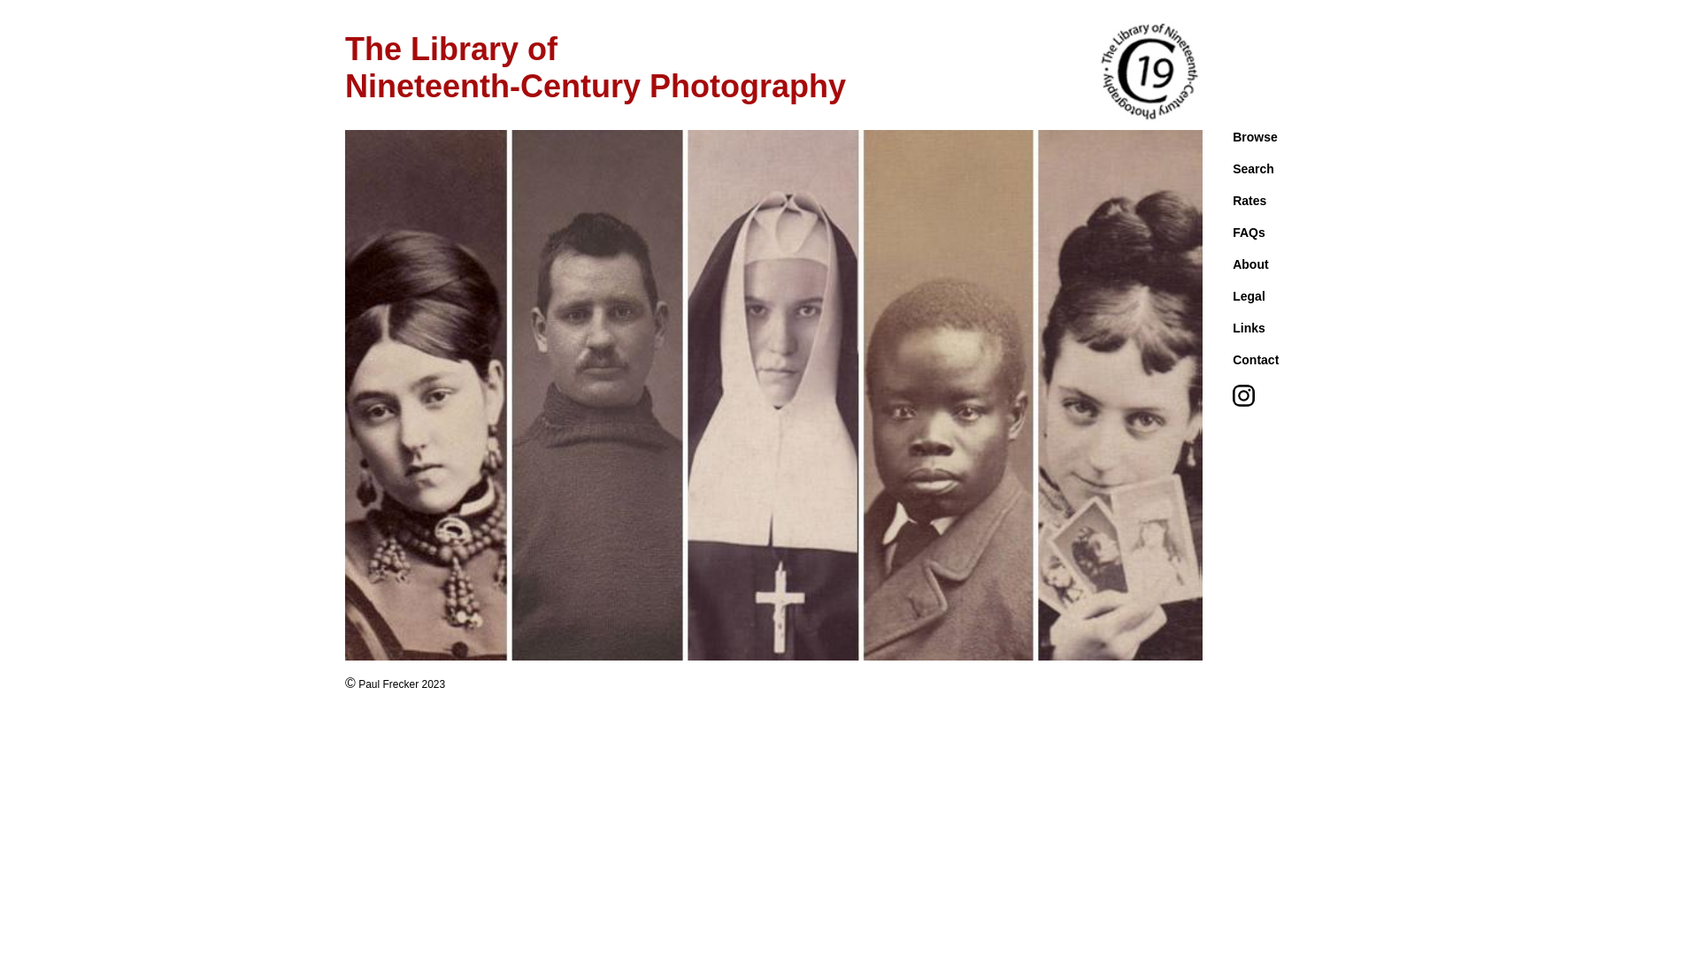 The height and width of the screenshot is (955, 1699). What do you see at coordinates (1231, 295) in the screenshot?
I see `'Legal'` at bounding box center [1231, 295].